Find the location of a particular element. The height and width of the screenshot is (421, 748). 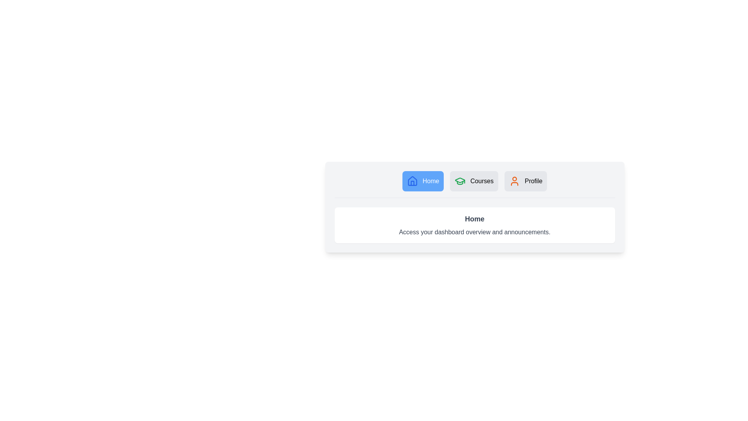

the Profile tab to activate it is located at coordinates (525, 181).